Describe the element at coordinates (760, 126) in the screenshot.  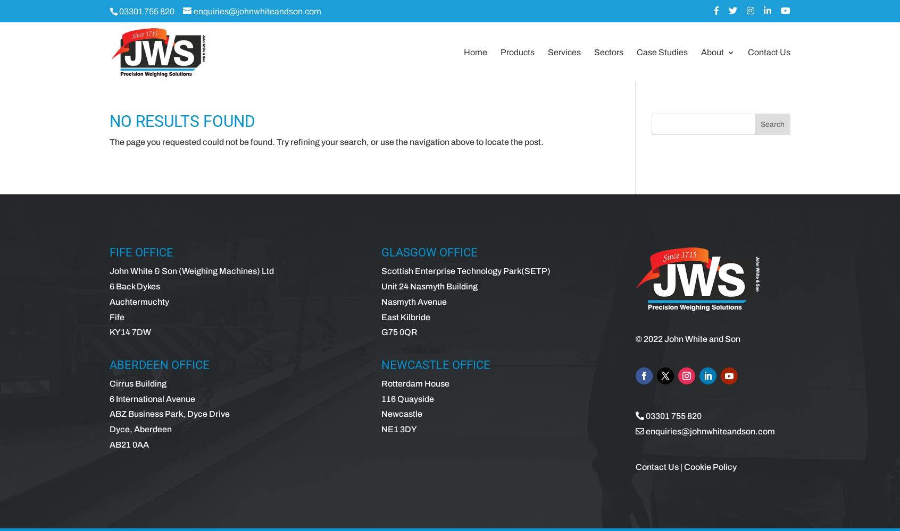
I see `'Community Support'` at that location.